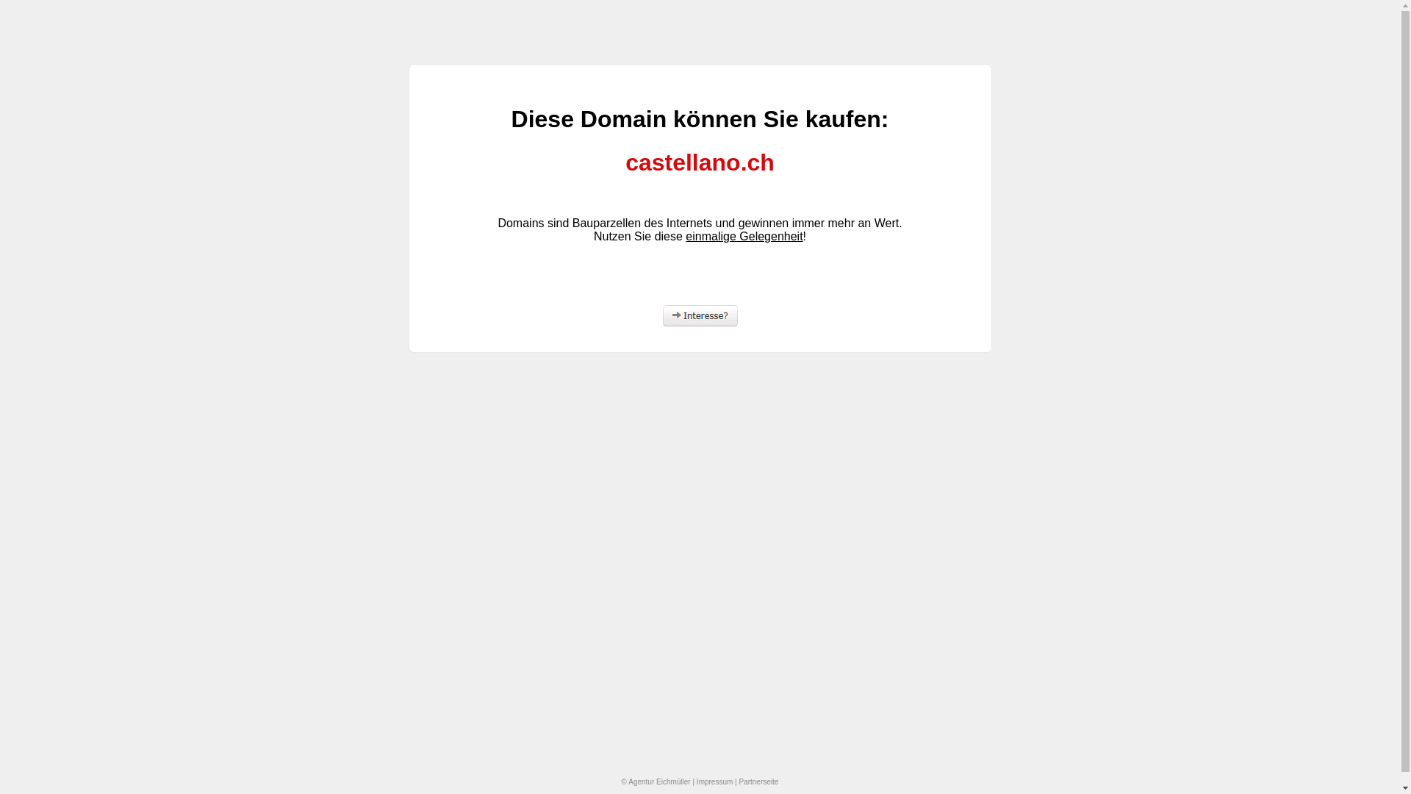  Describe the element at coordinates (714, 781) in the screenshot. I see `'Impressum'` at that location.